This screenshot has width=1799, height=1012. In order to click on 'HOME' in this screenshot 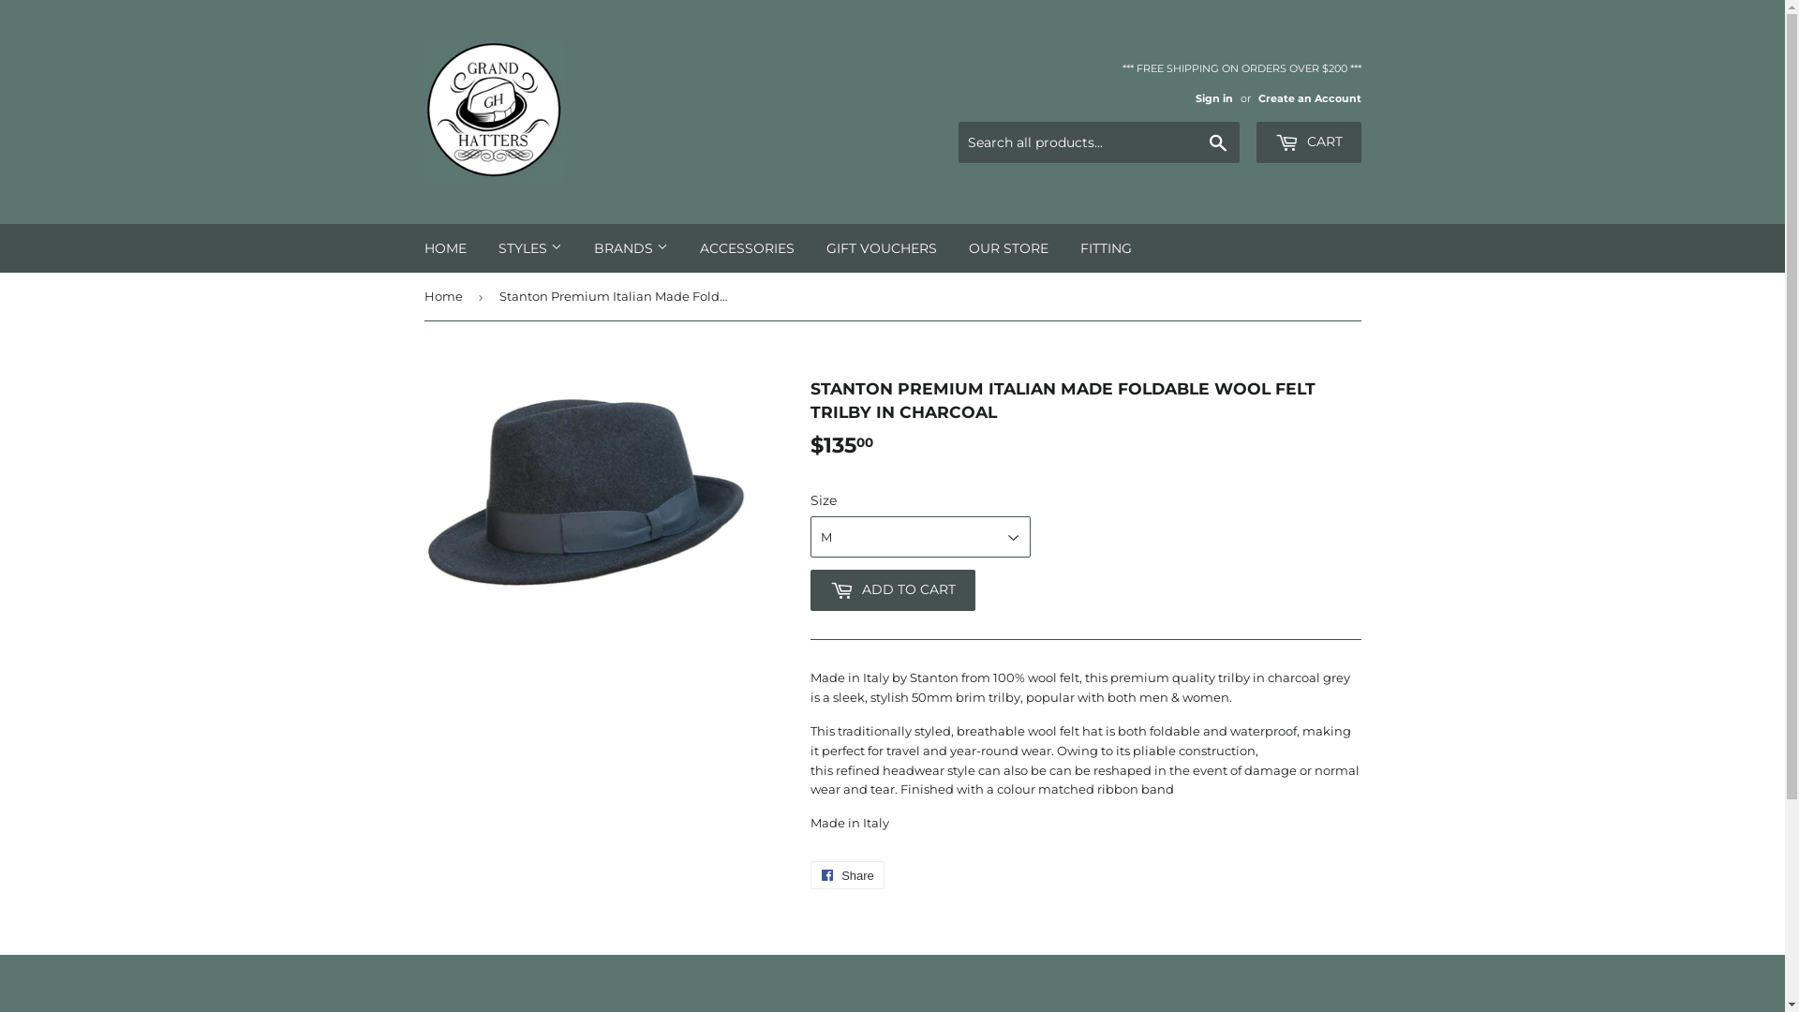, I will do `click(444, 247)`.